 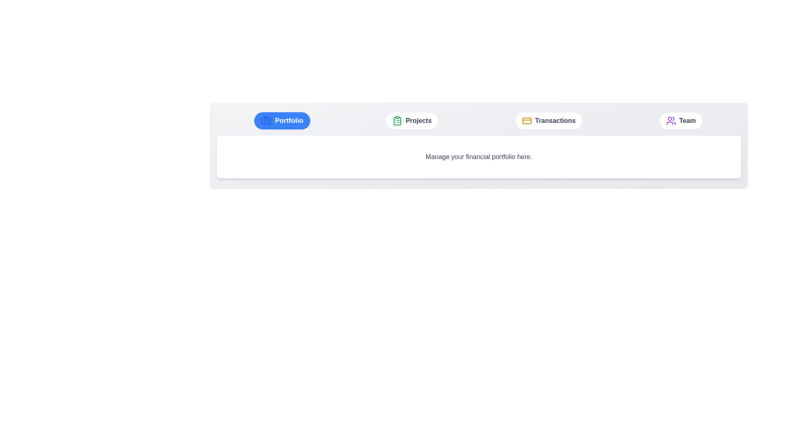 What do you see at coordinates (681, 120) in the screenshot?
I see `the tab labeled Team to observe the hover effect` at bounding box center [681, 120].